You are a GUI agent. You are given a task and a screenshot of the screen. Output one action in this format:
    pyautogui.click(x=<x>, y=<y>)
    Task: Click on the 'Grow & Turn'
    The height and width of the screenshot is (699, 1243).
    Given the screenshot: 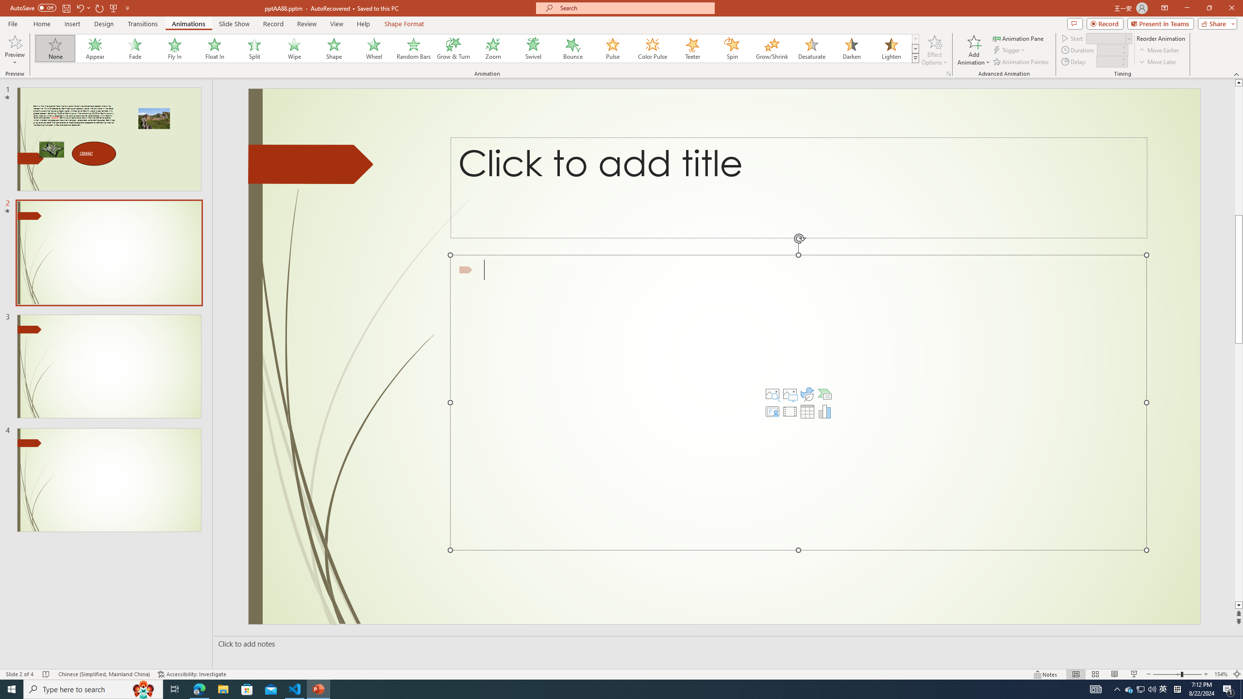 What is the action you would take?
    pyautogui.click(x=453, y=48)
    